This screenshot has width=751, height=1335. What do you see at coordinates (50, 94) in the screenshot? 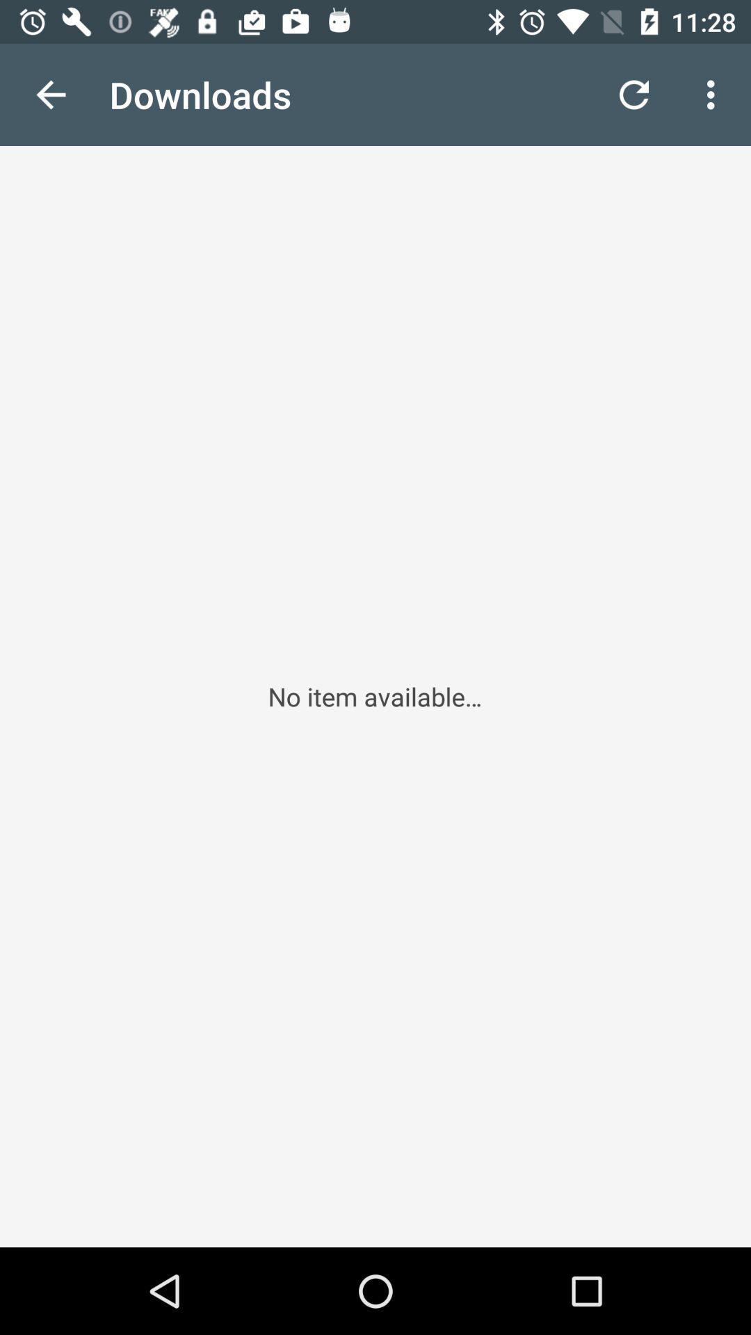
I see `the item to the left of the downloads icon` at bounding box center [50, 94].